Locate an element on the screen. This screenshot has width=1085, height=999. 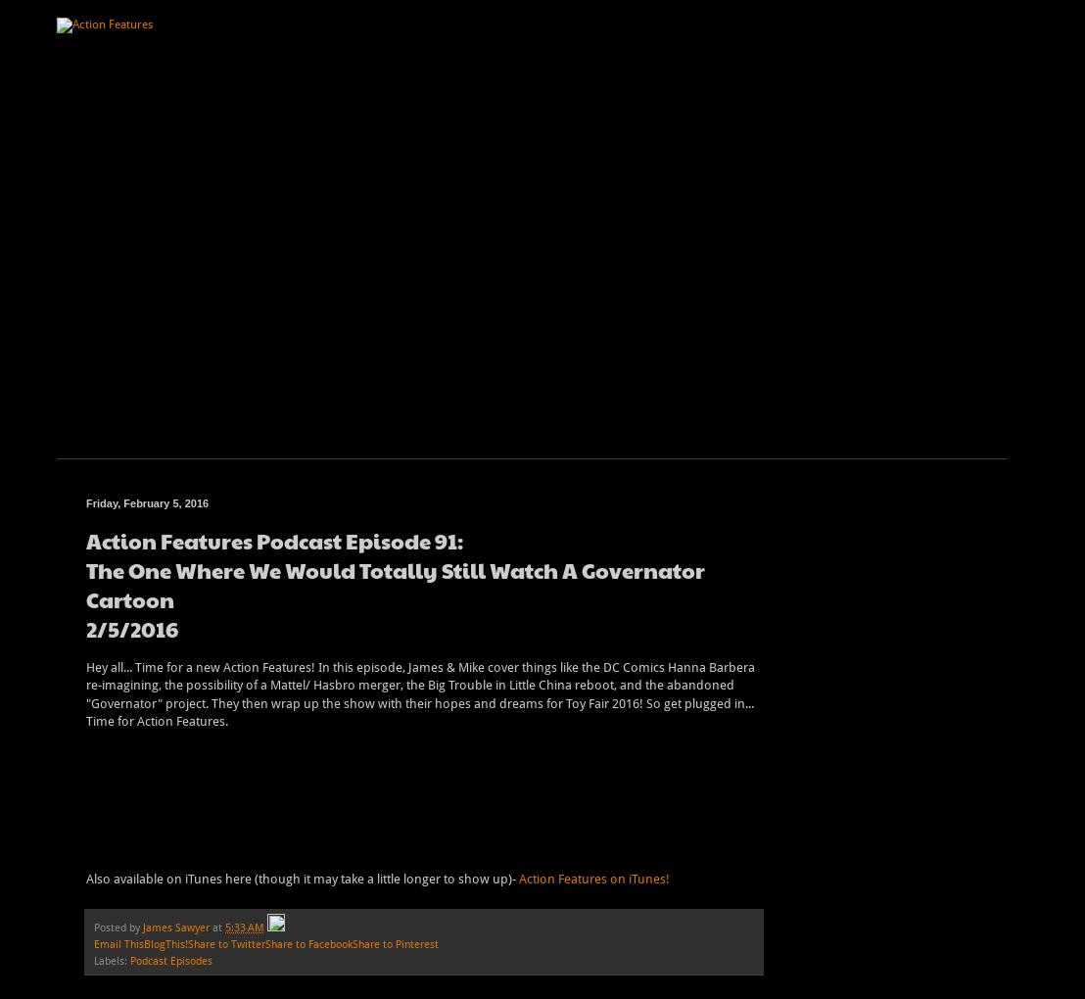
'Friday, February 5, 2016' is located at coordinates (146, 501).